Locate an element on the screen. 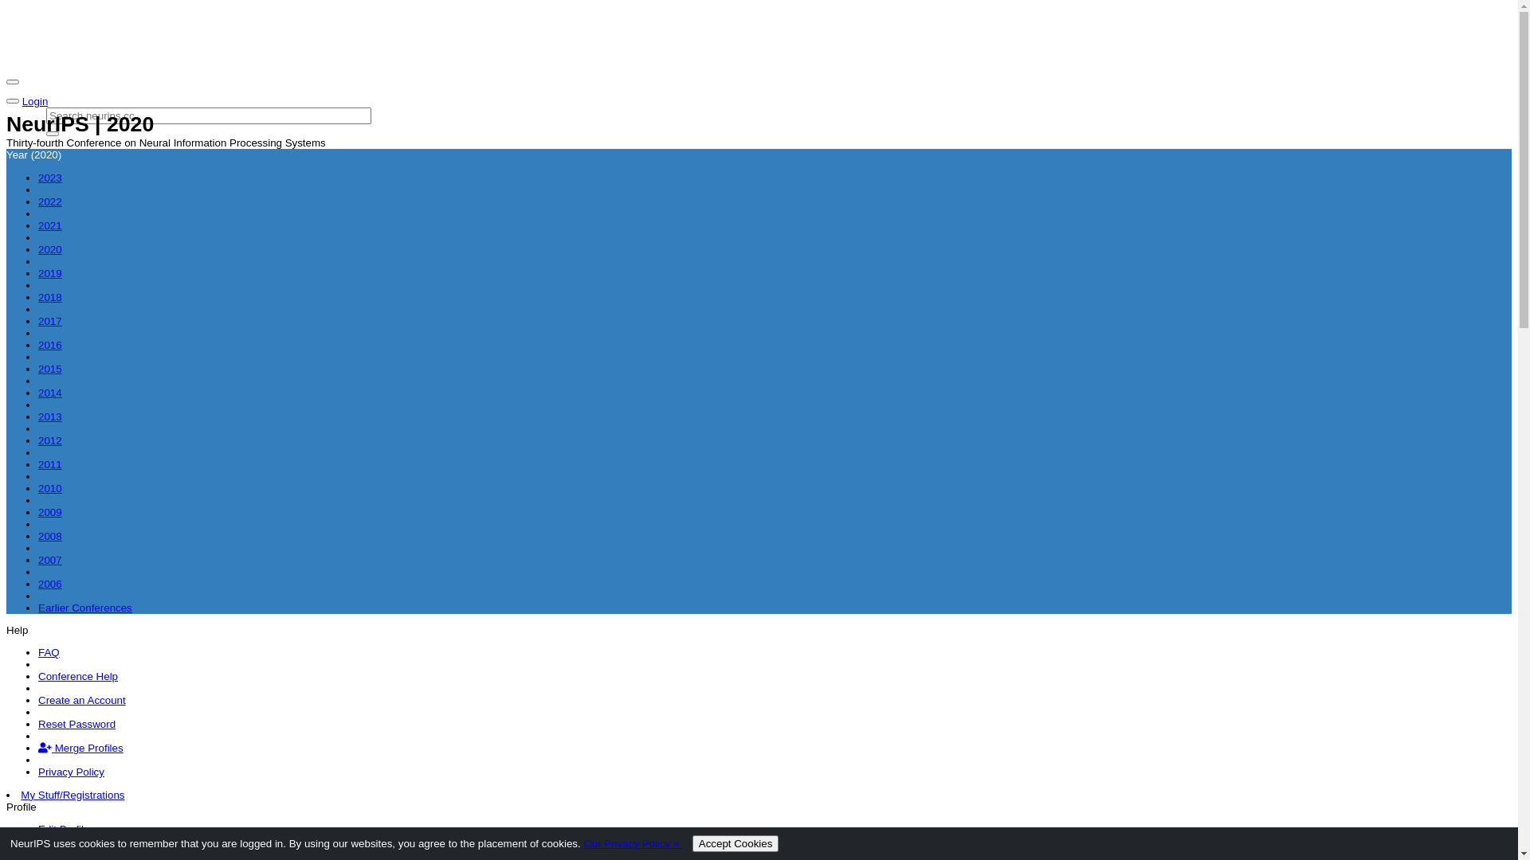  'Create an Account' is located at coordinates (38, 699).